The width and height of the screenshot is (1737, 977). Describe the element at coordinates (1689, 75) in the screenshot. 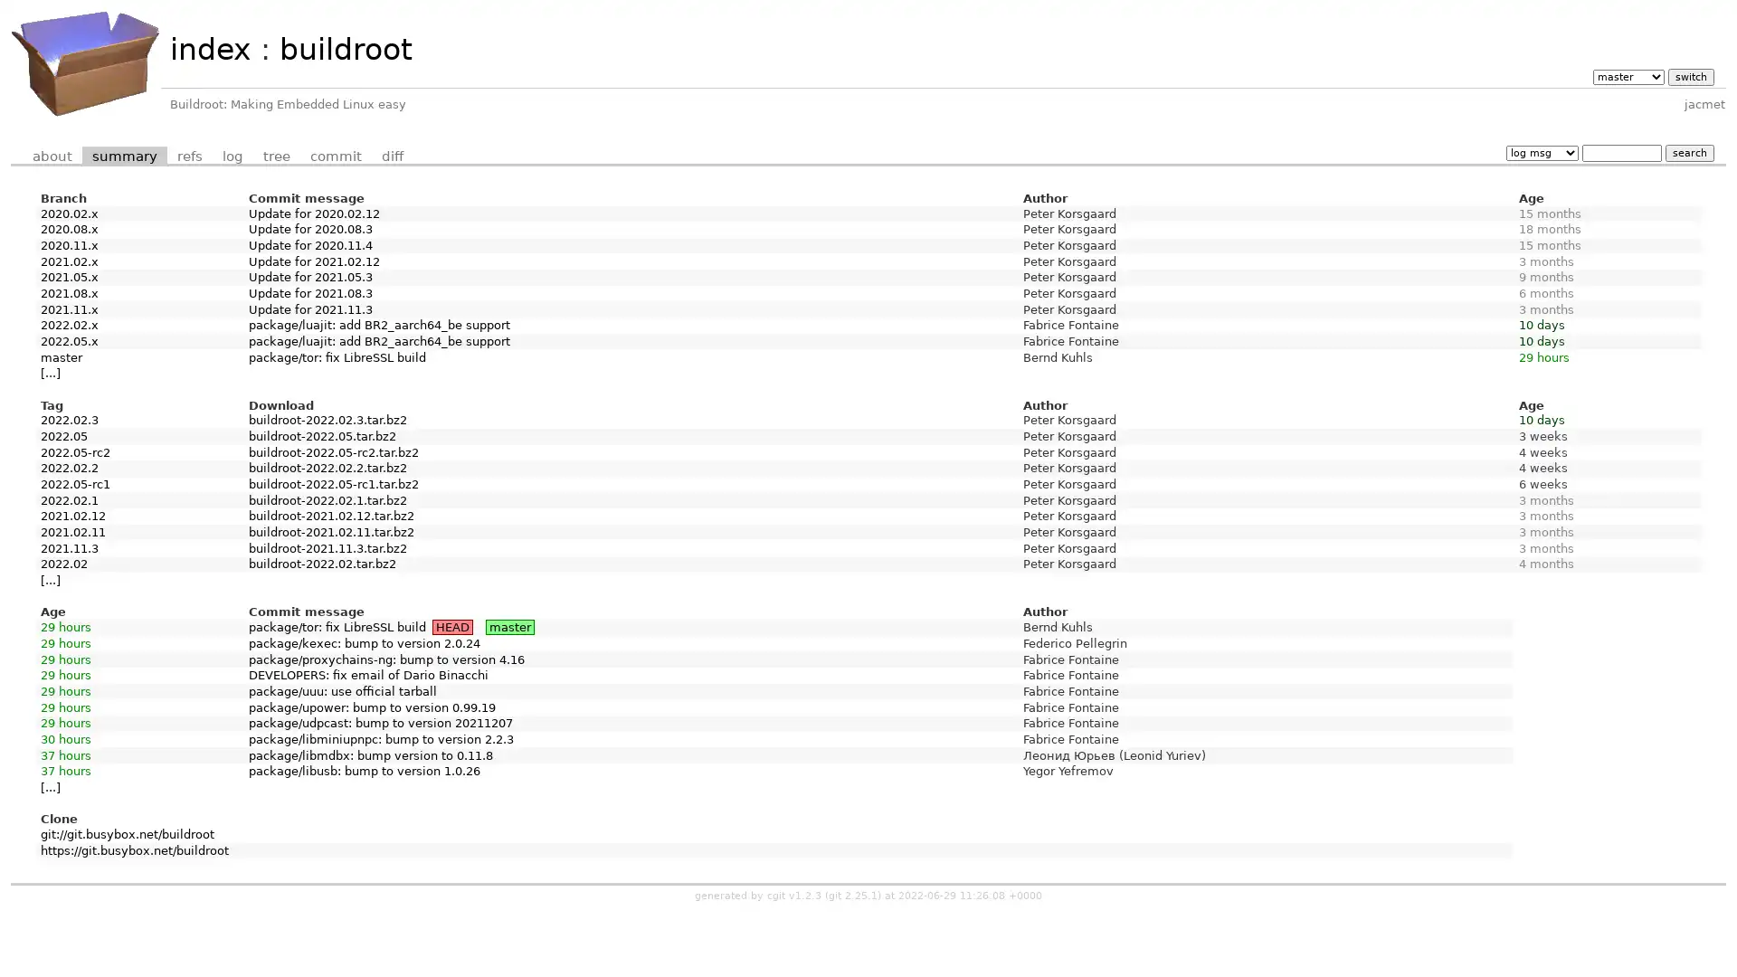

I see `switch` at that location.